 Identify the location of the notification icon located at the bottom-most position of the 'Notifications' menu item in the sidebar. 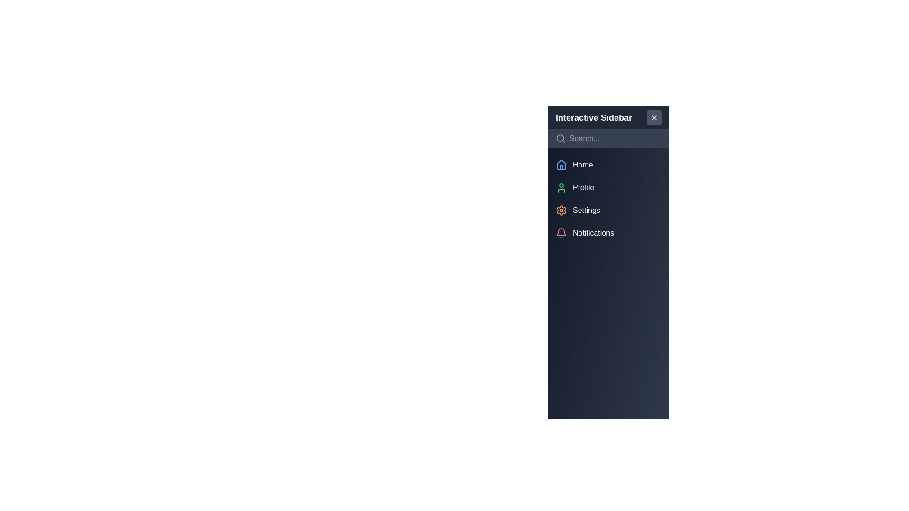
(561, 233).